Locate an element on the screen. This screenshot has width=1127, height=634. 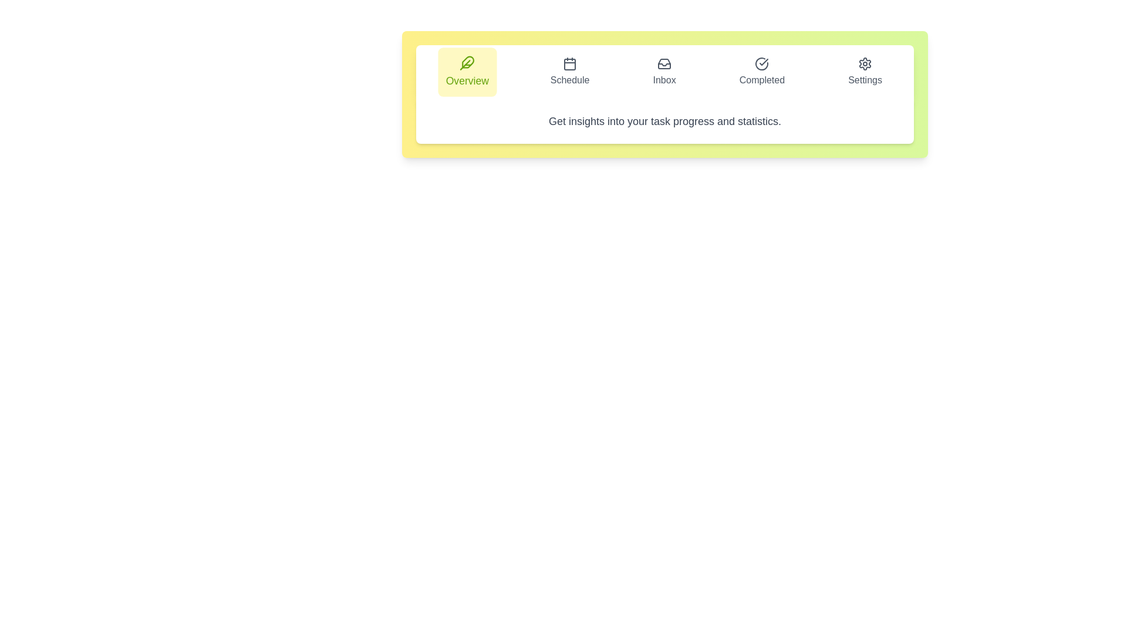
the Completed tab to inspect its layout and design is located at coordinates (761, 72).